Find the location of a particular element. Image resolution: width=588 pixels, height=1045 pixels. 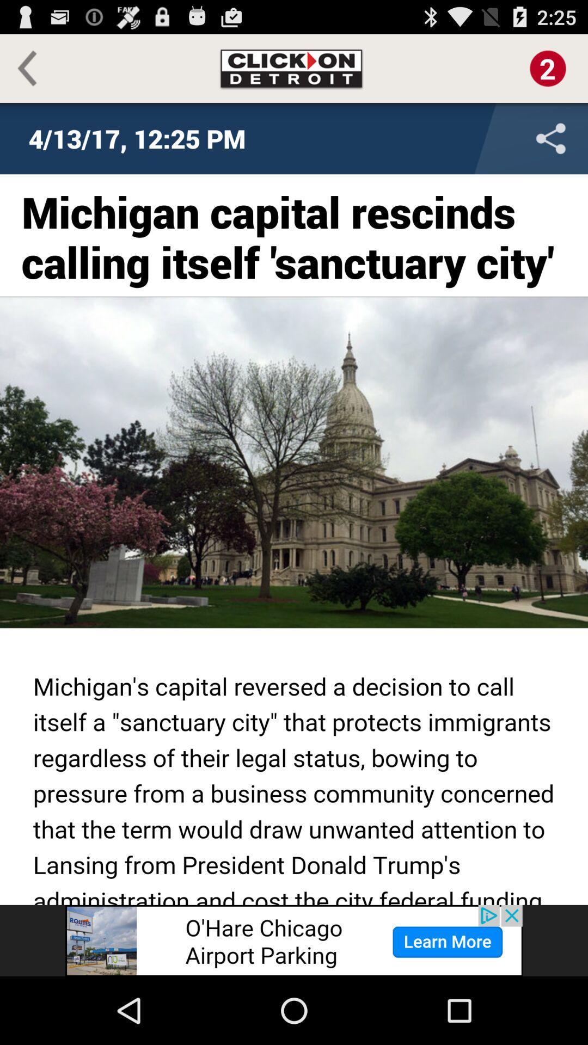

open advertisement is located at coordinates (294, 940).